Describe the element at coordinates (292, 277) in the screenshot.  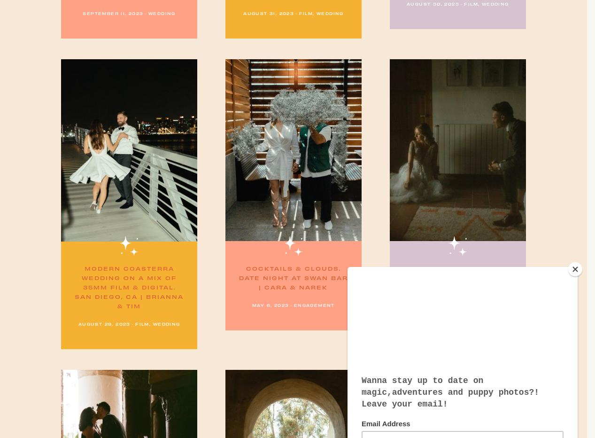
I see `'Cocktails & Clouds. Date Night at Swan Bar | Cara & Narek'` at that location.